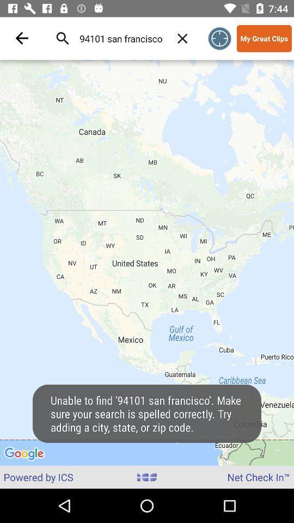 The image size is (294, 523). I want to click on the icon to the right of 94101 san francisco item, so click(182, 38).